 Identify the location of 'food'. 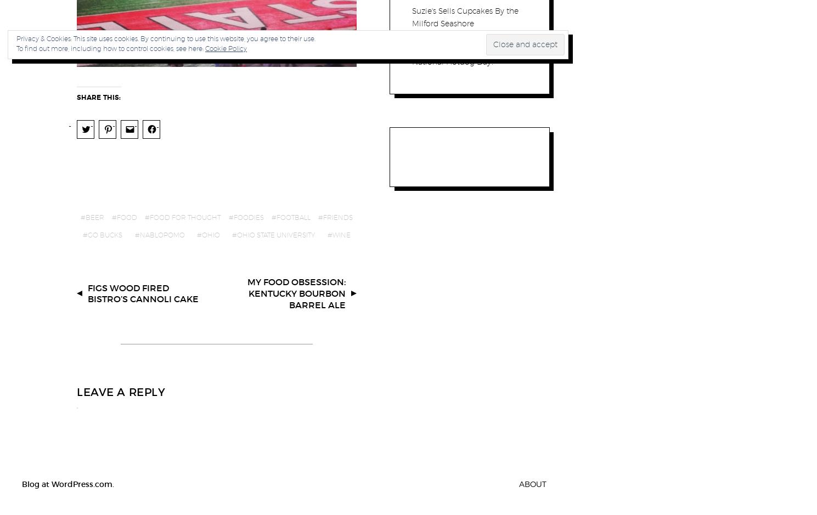
(127, 217).